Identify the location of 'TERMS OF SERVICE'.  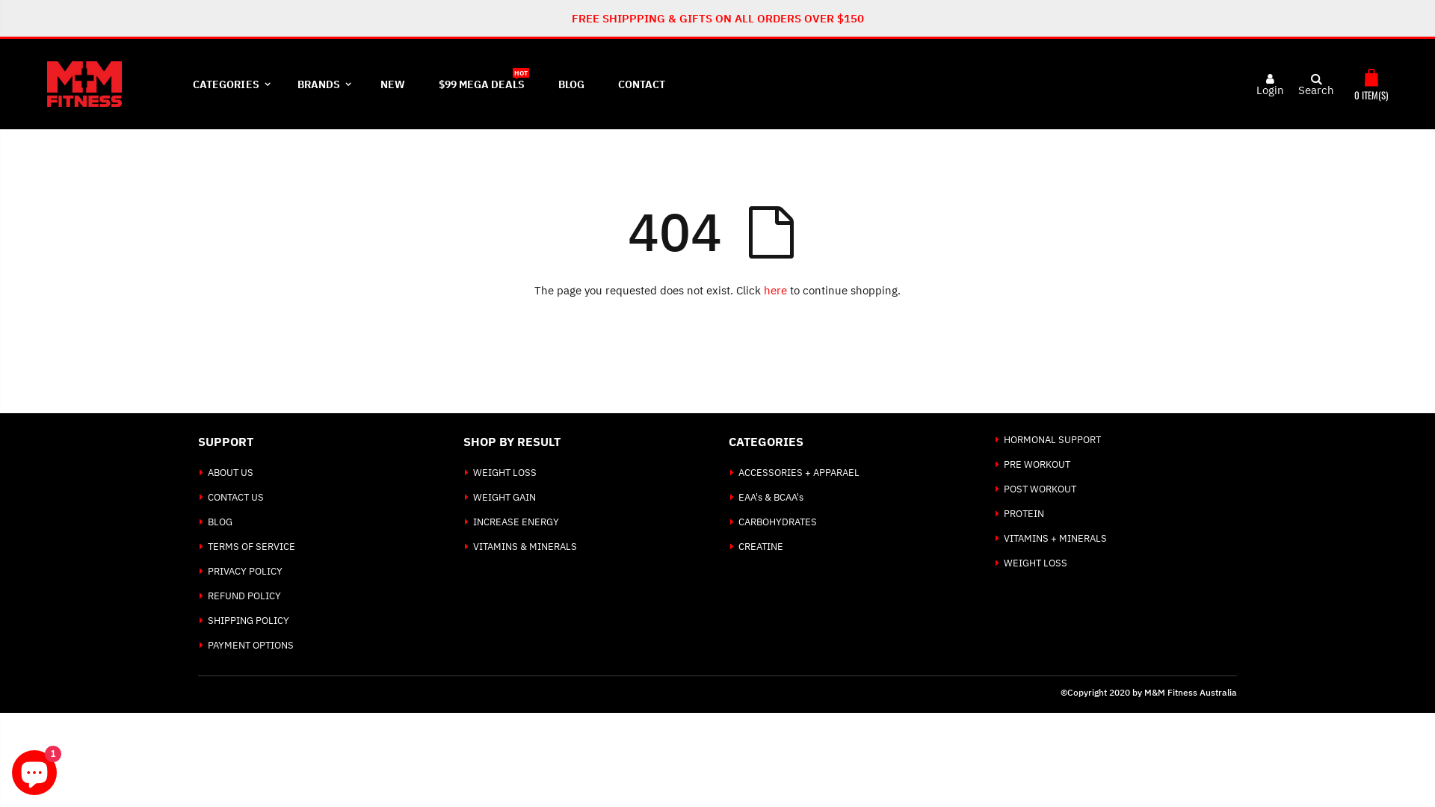
(251, 546).